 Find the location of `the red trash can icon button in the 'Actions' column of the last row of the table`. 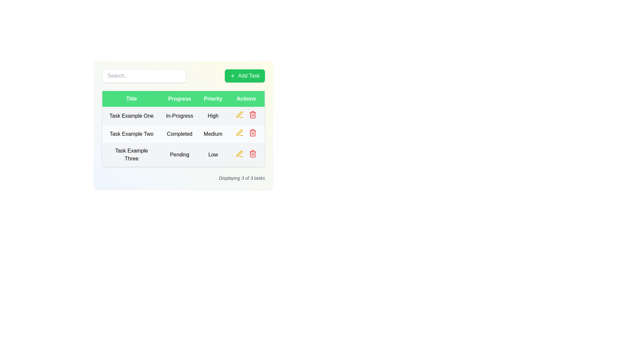

the red trash can icon button in the 'Actions' column of the last row of the table is located at coordinates (252, 114).